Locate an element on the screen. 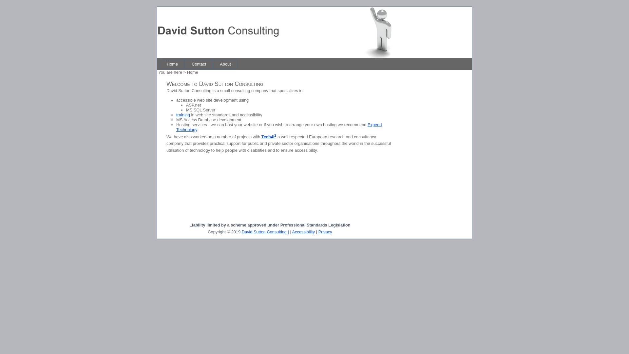 The height and width of the screenshot is (354, 629). 'Contact' is located at coordinates (198, 64).